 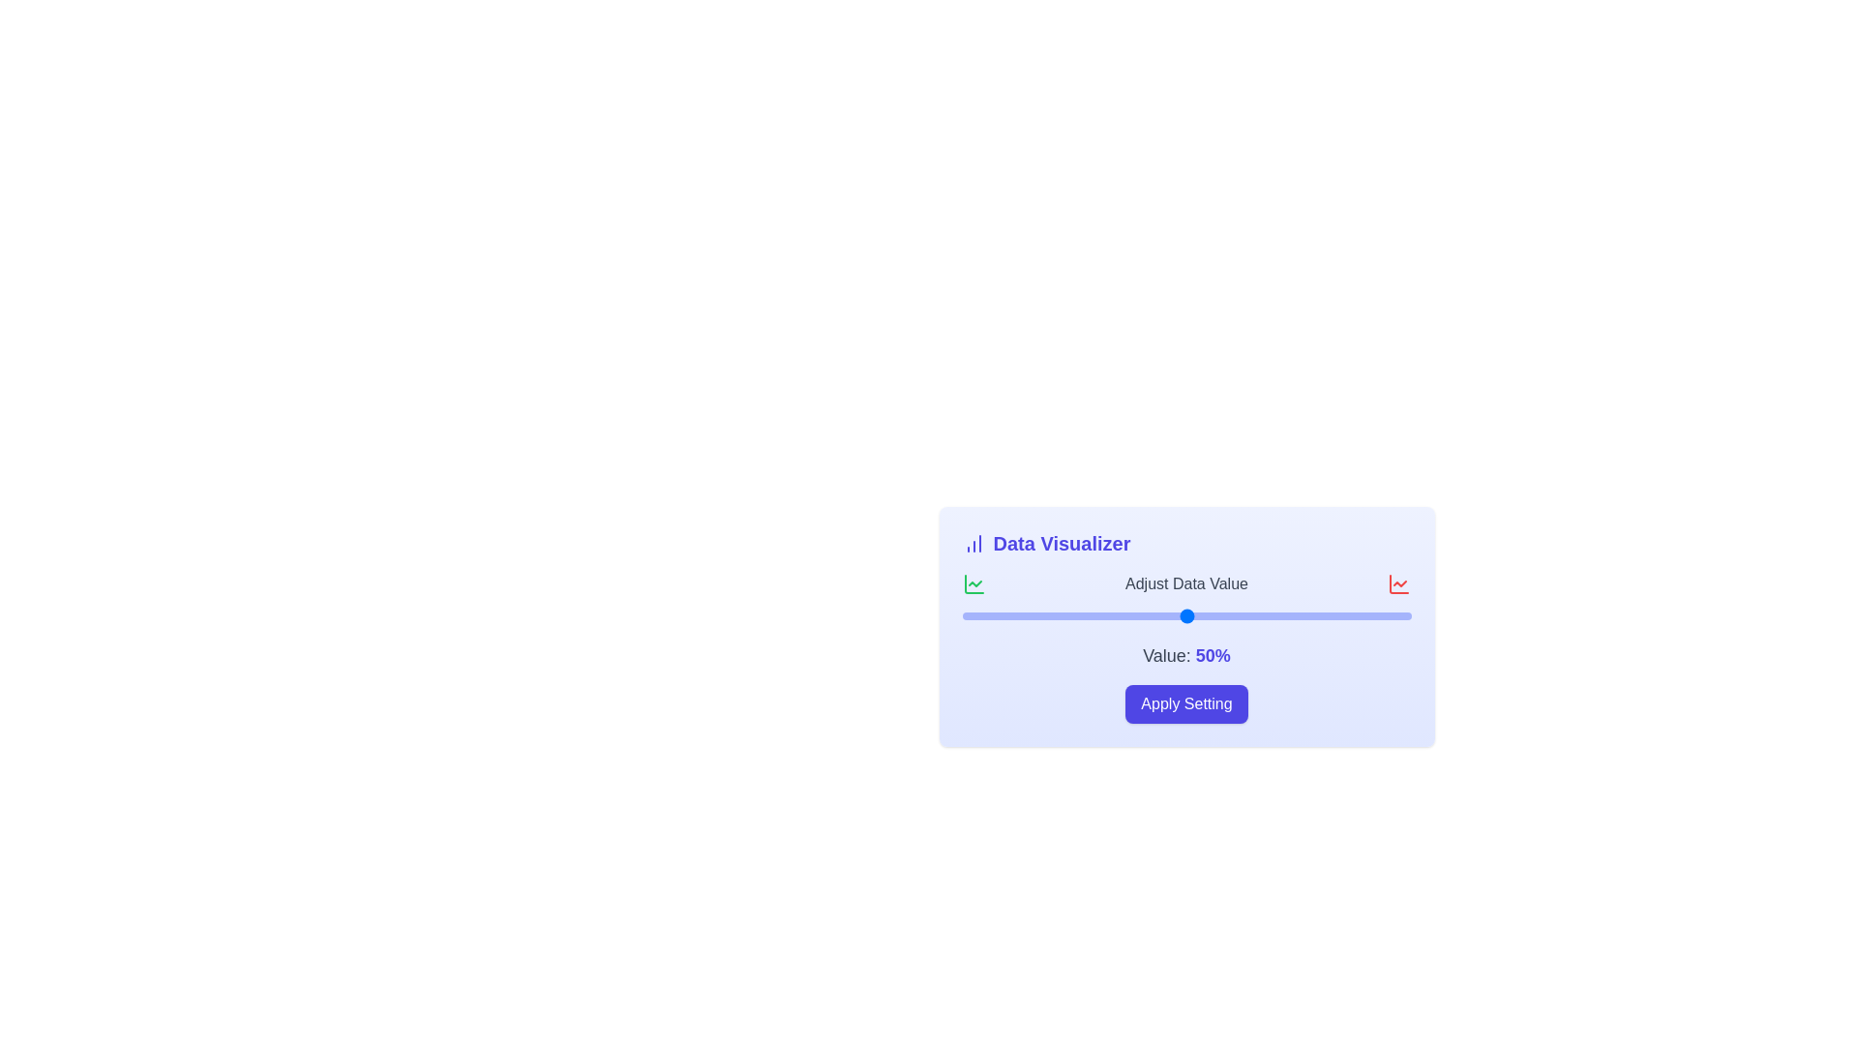 I want to click on the slider value, so click(x=1216, y=615).